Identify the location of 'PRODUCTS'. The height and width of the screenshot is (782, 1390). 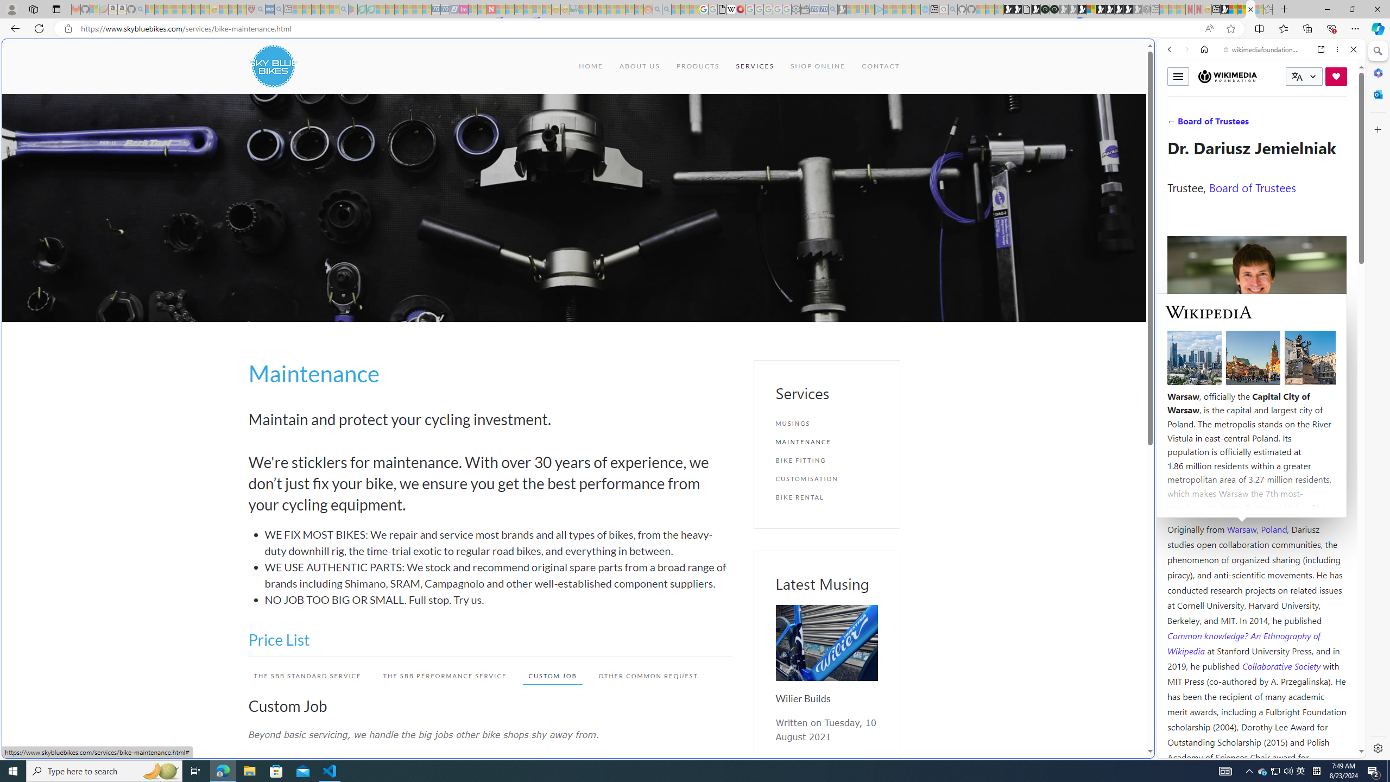
(697, 65).